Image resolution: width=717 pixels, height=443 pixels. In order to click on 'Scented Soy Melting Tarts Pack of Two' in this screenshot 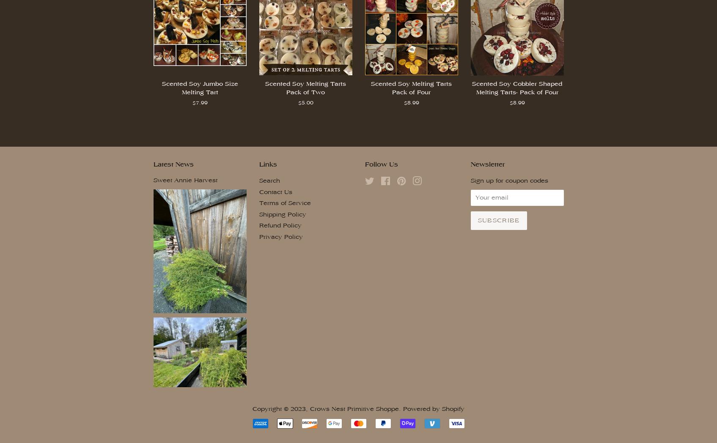, I will do `click(305, 88)`.